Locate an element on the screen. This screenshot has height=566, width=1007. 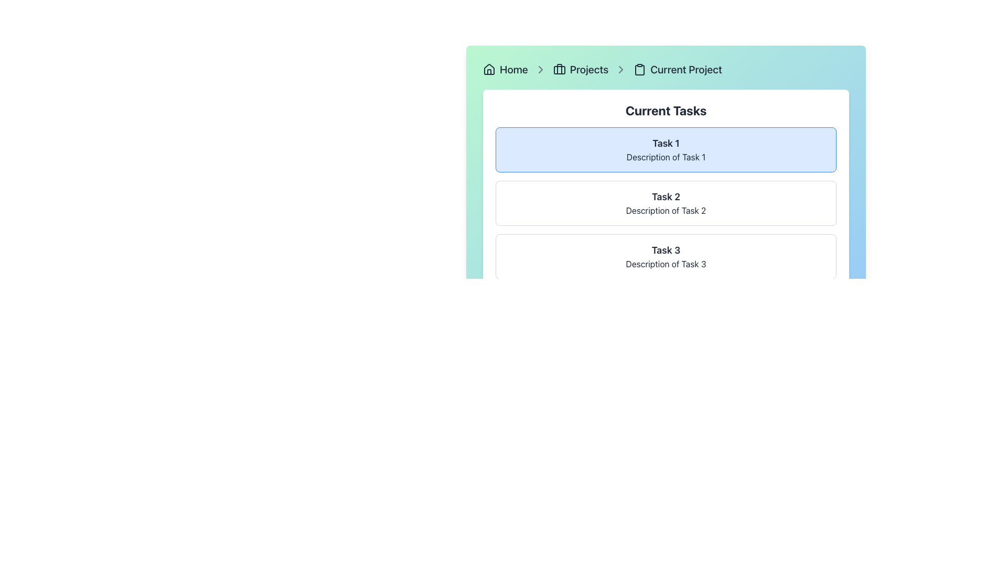
the decorative SVG rectangle element that is part of the briefcase icon is located at coordinates (559, 70).